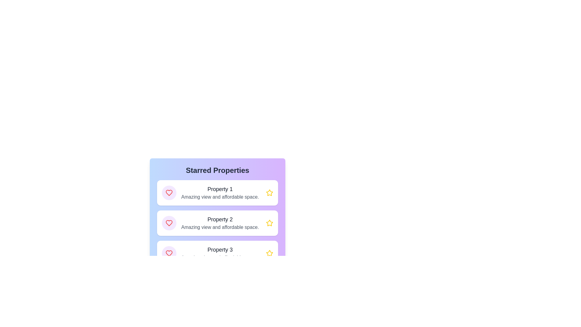 This screenshot has height=327, width=581. I want to click on the text label displaying 'Property 1', which is styled in bold and dark gray, positioned at the top of the first property entry in a vertical list, so click(220, 189).